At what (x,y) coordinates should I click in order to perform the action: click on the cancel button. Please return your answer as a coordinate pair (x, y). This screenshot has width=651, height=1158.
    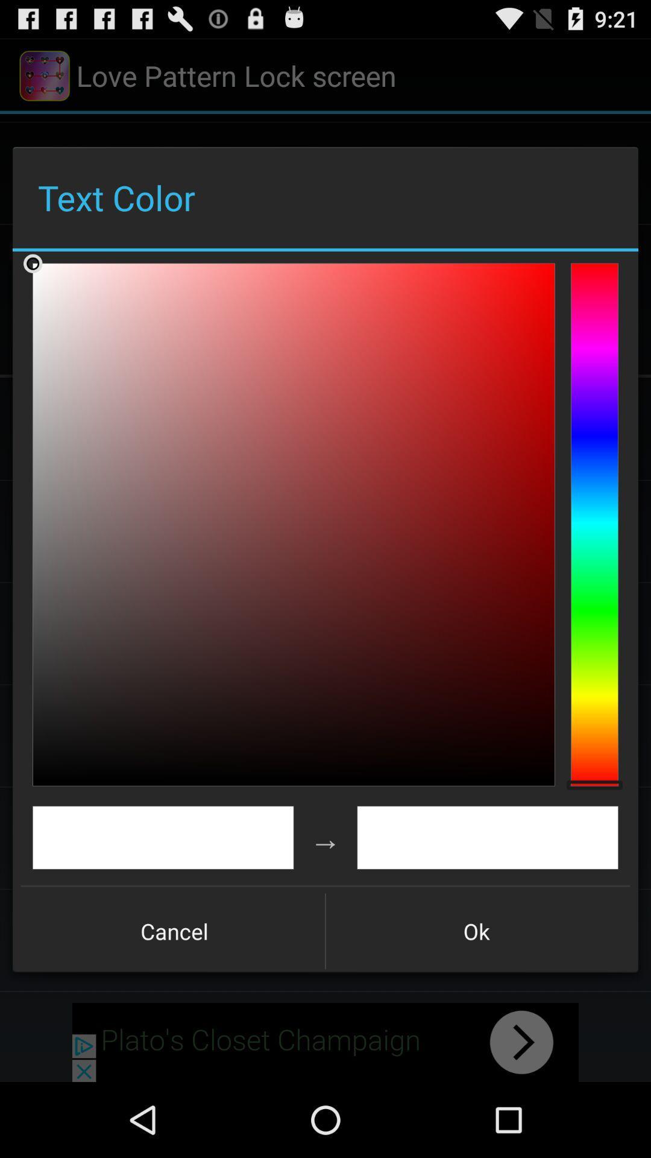
    Looking at the image, I should click on (174, 931).